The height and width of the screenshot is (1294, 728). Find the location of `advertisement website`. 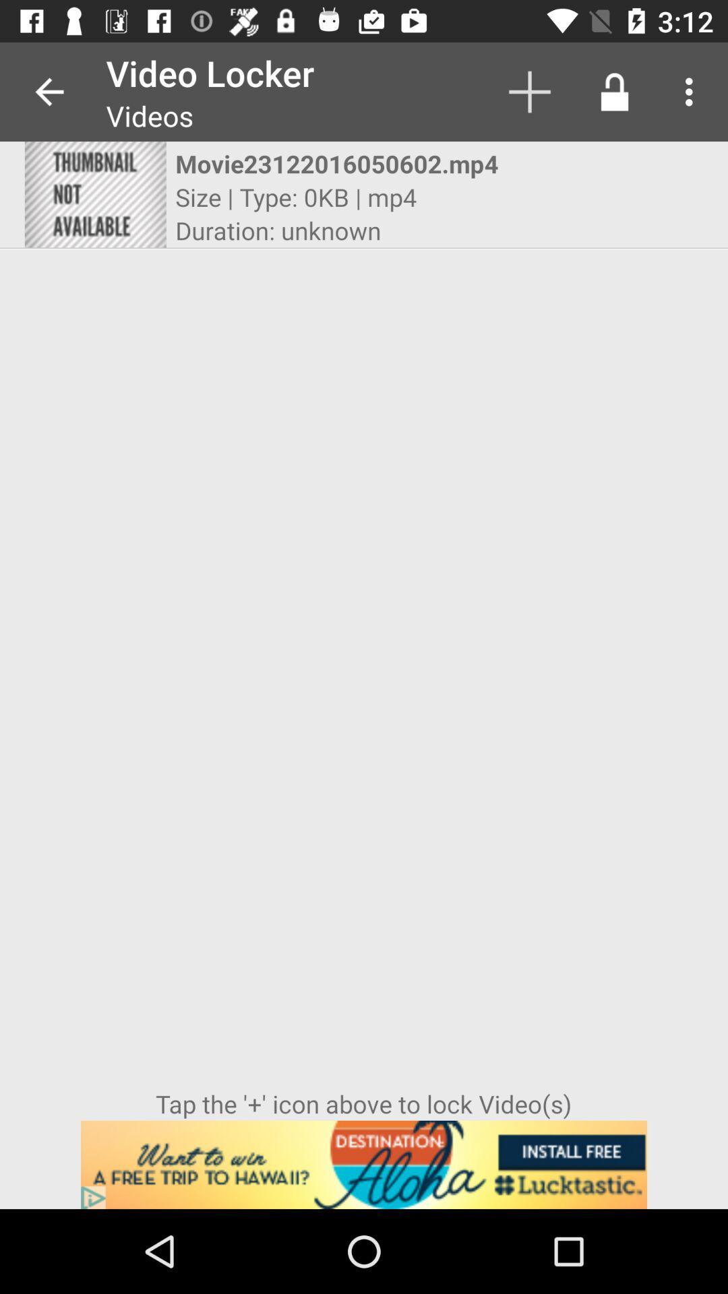

advertisement website is located at coordinates (364, 1164).